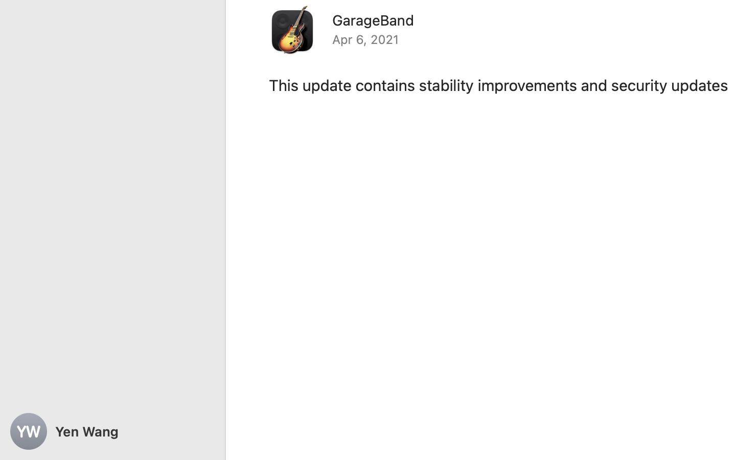 This screenshot has width=736, height=460. I want to click on 'Apr 6, 2021', so click(365, 39).